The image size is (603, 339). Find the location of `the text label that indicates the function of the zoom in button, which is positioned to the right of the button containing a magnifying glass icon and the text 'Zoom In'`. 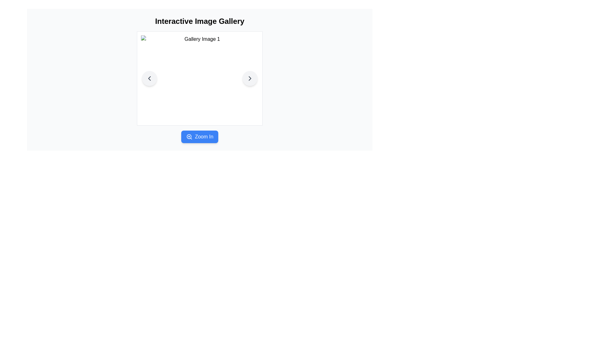

the text label that indicates the function of the zoom in button, which is positioned to the right of the button containing a magnifying glass icon and the text 'Zoom In' is located at coordinates (204, 136).